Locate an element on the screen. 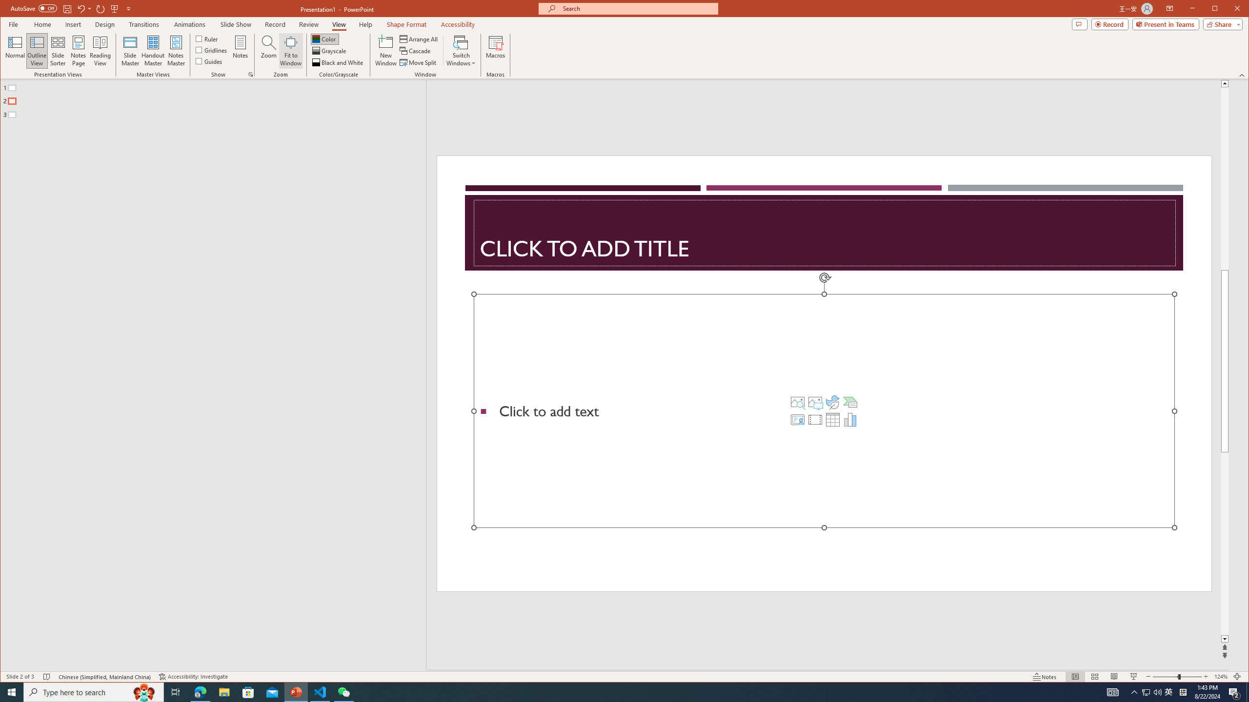  'Guides' is located at coordinates (209, 61).